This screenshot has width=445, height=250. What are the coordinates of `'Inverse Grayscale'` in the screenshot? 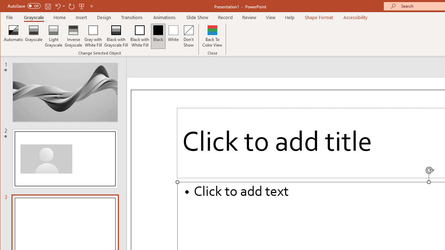 It's located at (73, 36).